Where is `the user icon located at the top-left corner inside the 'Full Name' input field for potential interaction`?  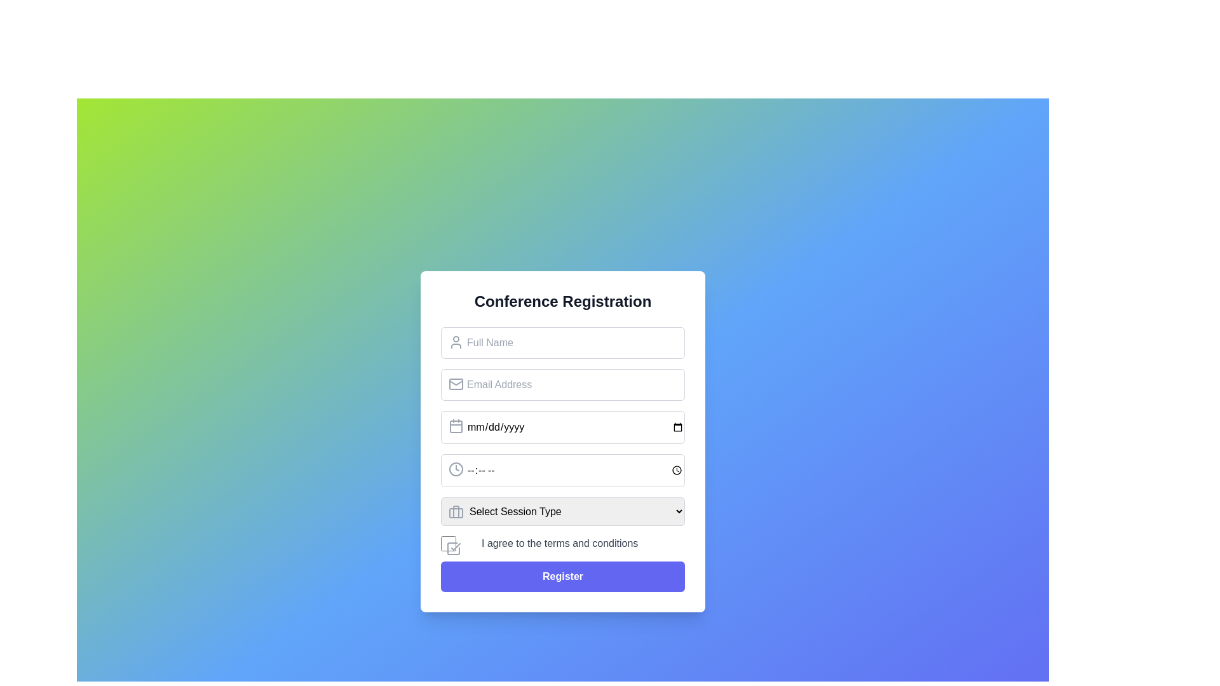 the user icon located at the top-left corner inside the 'Full Name' input field for potential interaction is located at coordinates (456, 341).